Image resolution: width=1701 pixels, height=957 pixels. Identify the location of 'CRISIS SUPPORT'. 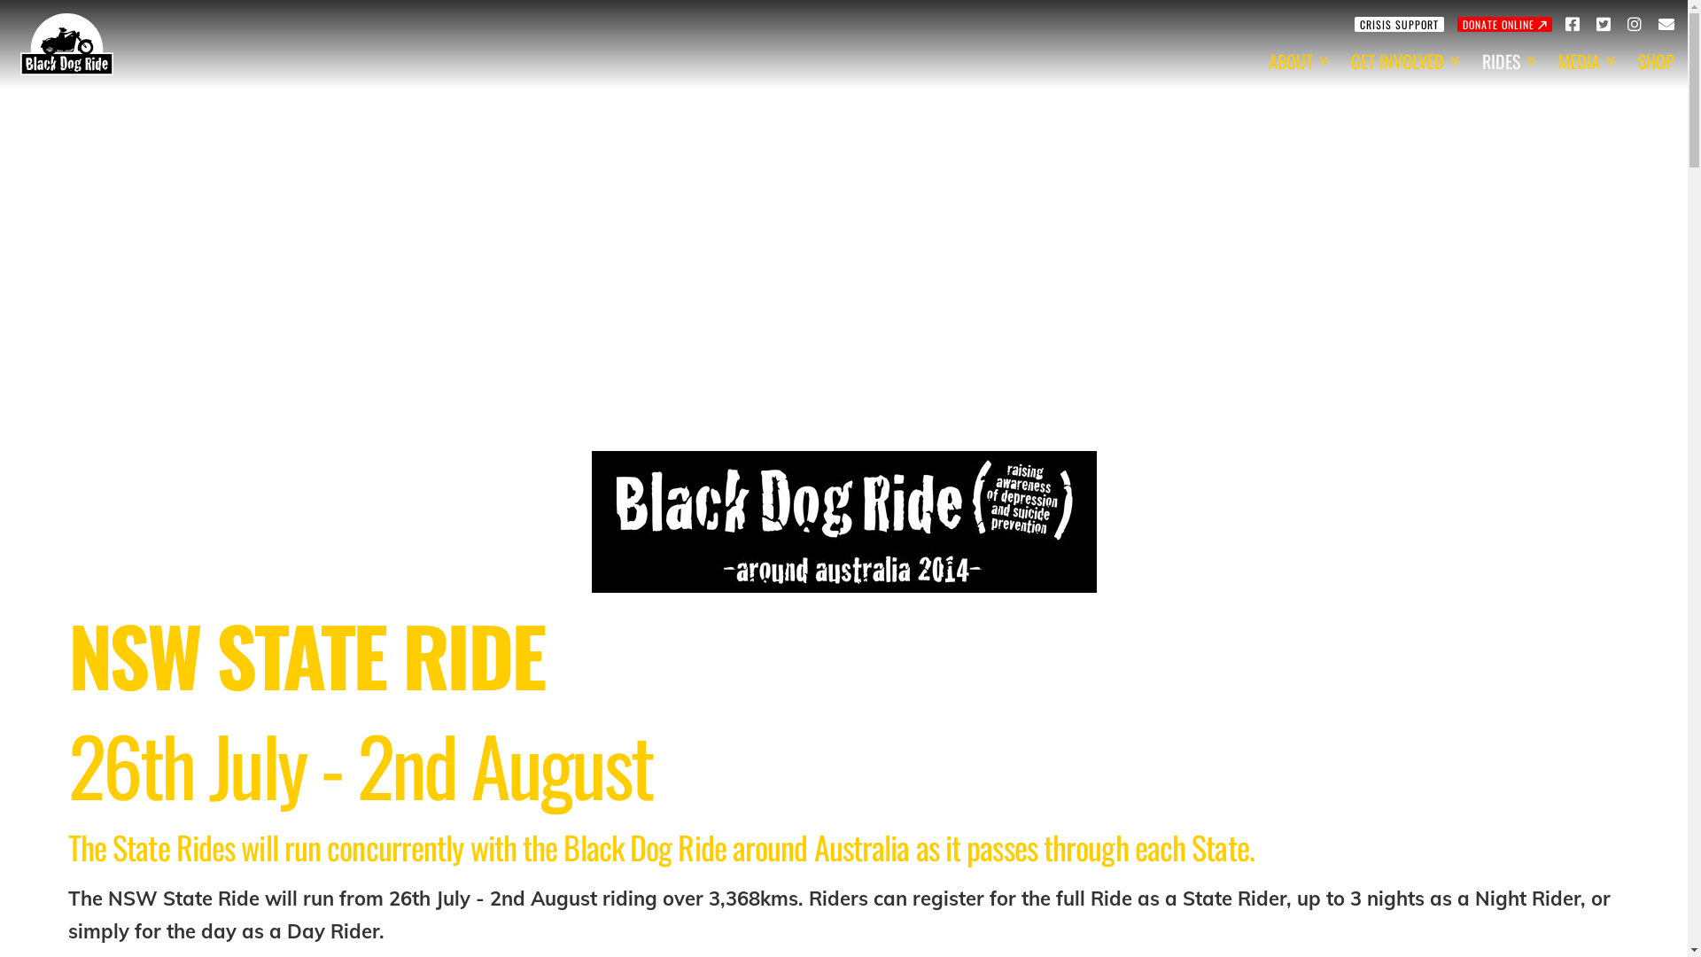
(1398, 23).